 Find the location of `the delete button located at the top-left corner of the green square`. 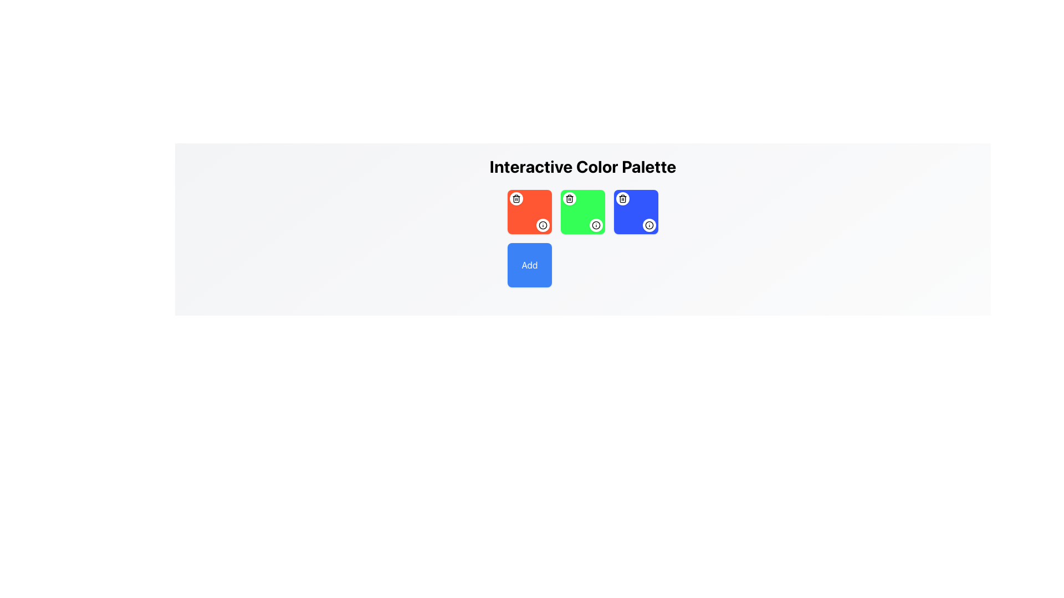

the delete button located at the top-left corner of the green square is located at coordinates (569, 198).